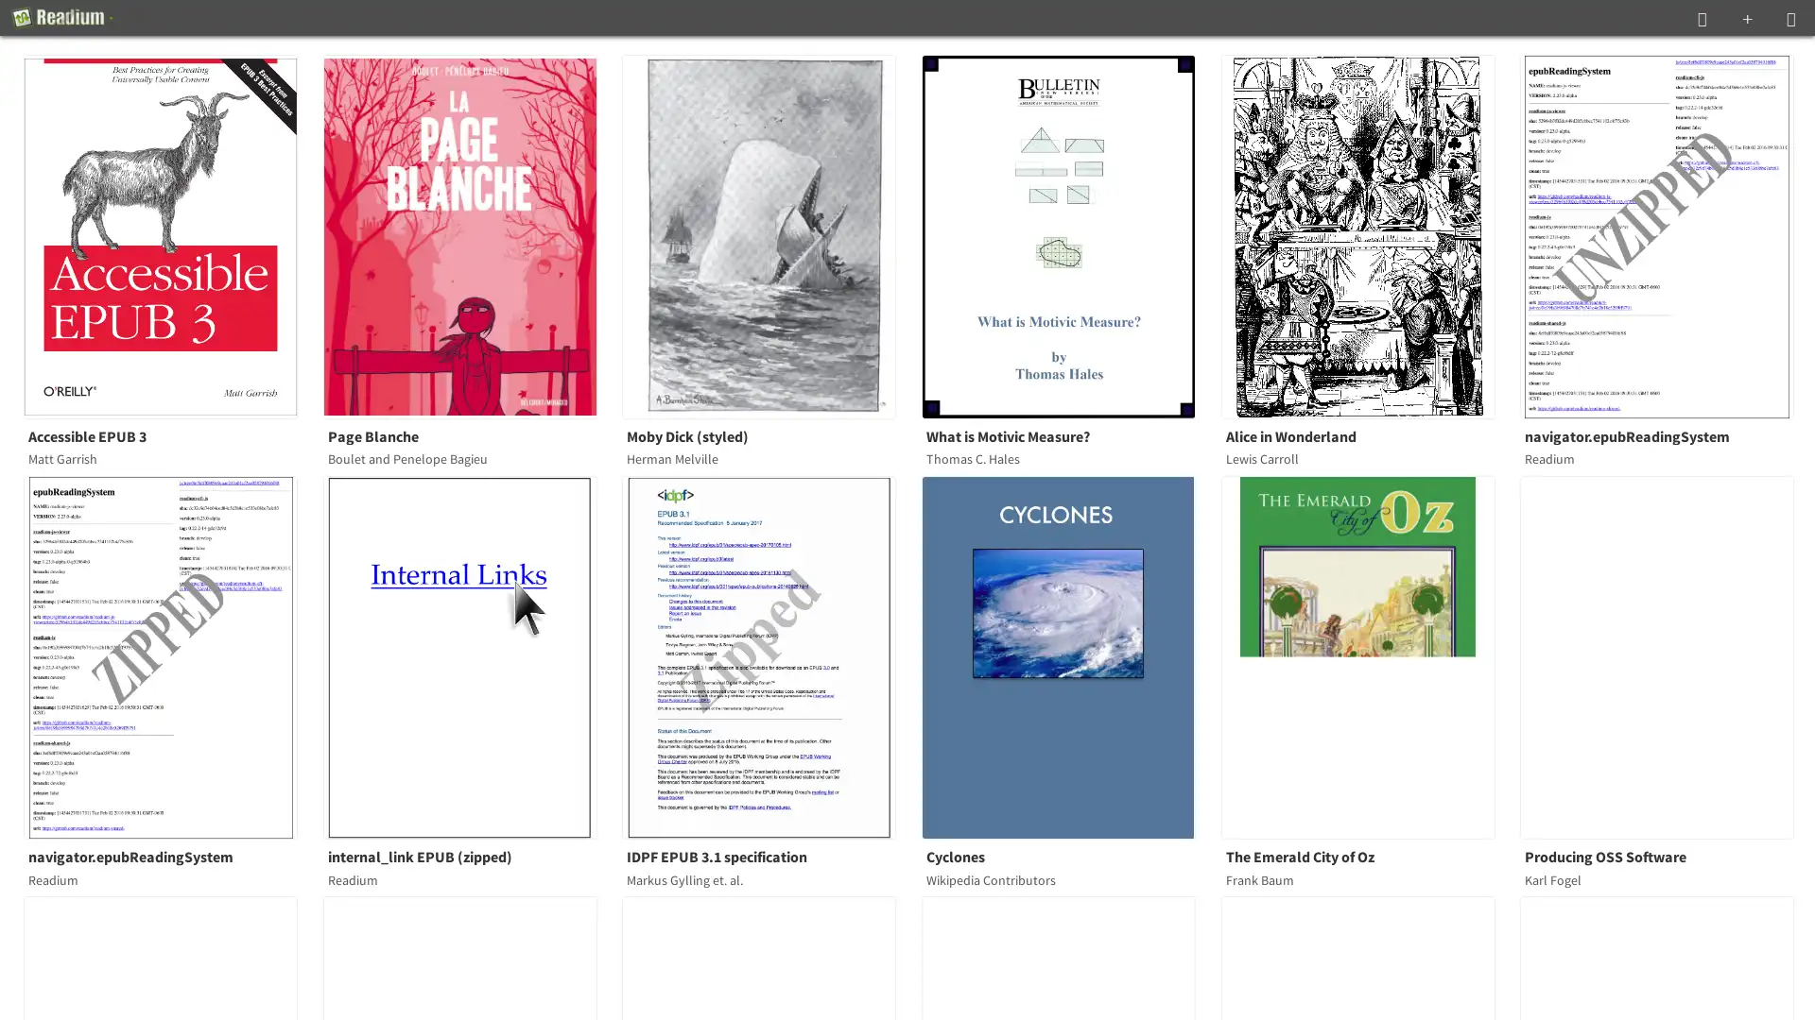 The width and height of the screenshot is (1815, 1020). What do you see at coordinates (1369, 655) in the screenshot?
I see `(11) The Emerald City of Oz` at bounding box center [1369, 655].